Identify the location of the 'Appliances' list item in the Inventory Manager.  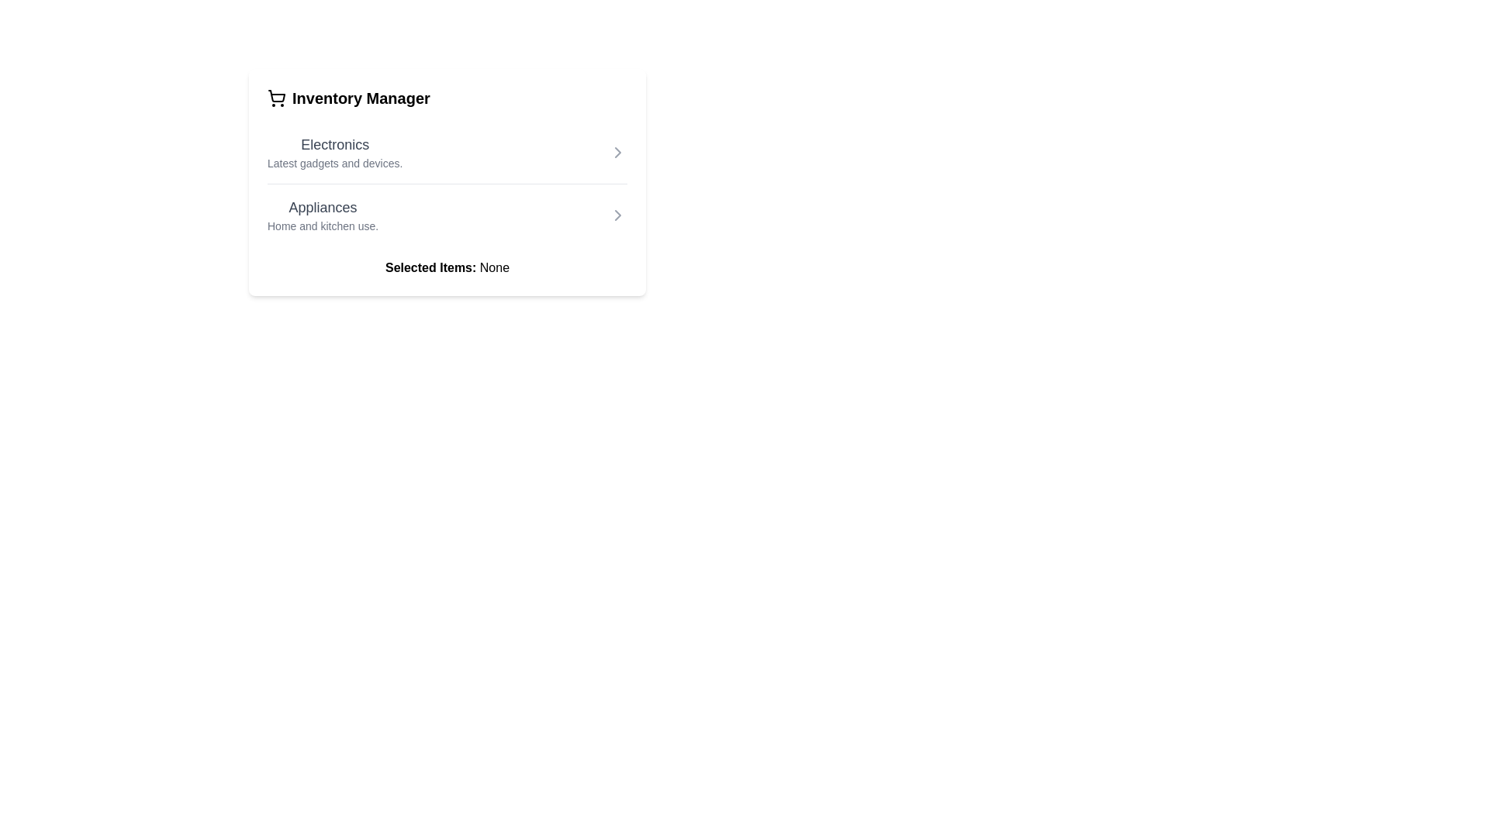
(446, 215).